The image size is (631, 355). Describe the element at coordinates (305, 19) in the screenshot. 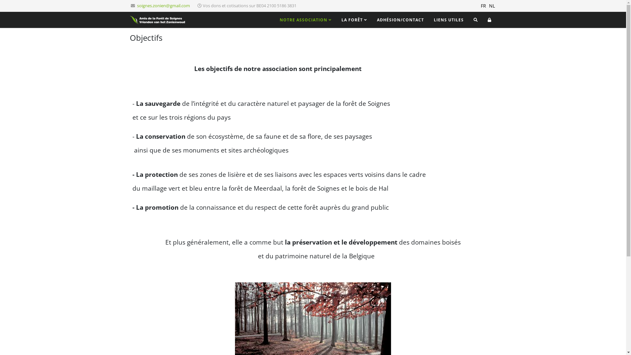

I see `'NOTRE ASSOCIATION'` at that location.